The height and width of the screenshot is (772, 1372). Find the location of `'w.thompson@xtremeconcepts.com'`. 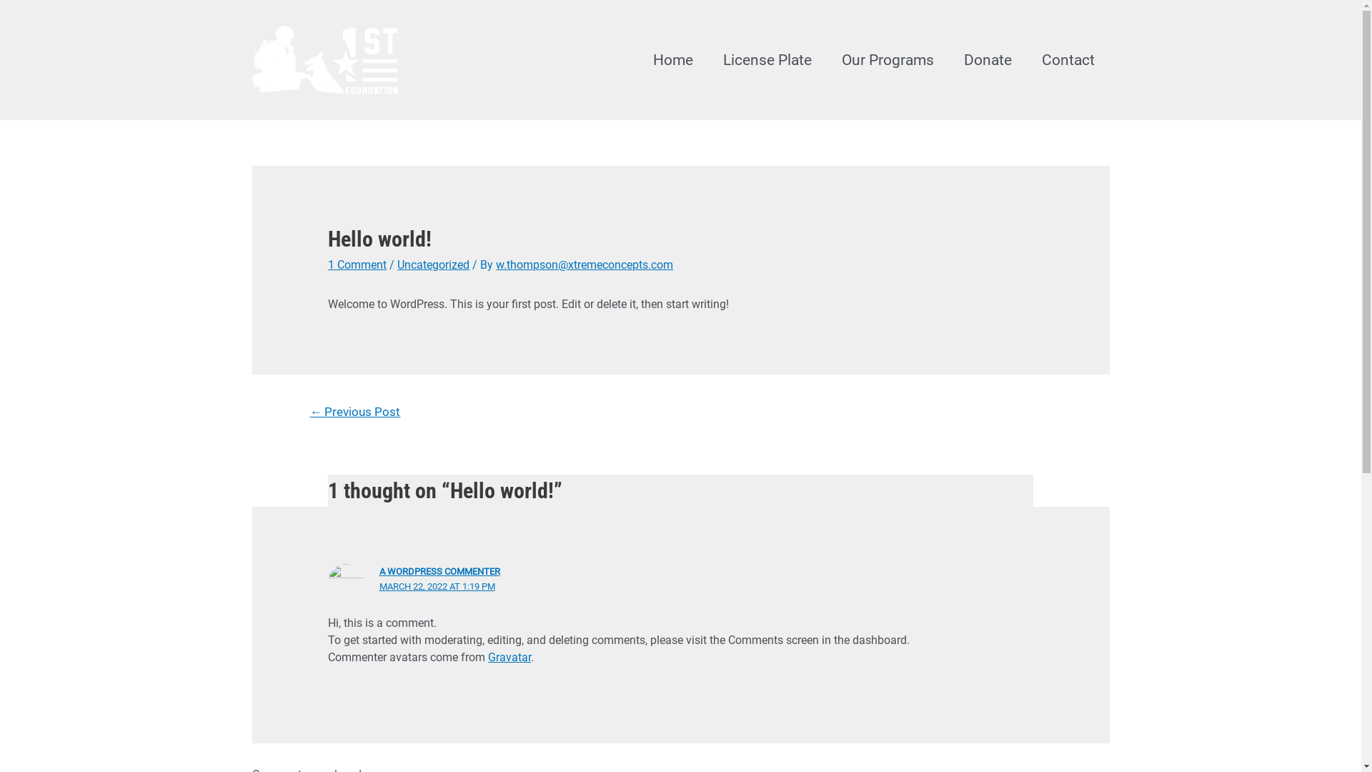

'w.thompson@xtremeconcepts.com' is located at coordinates (584, 264).